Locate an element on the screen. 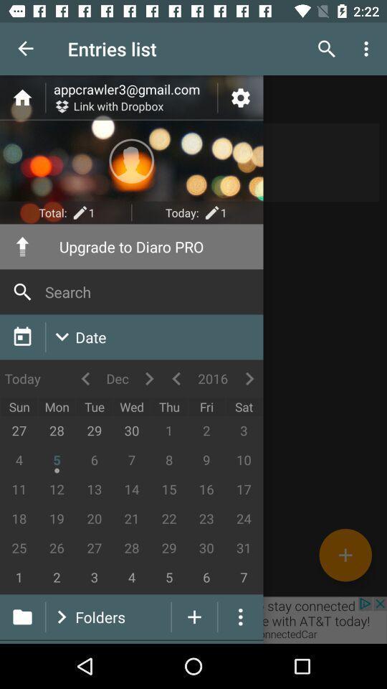 The height and width of the screenshot is (689, 387). the icon that has the text link with dropbox right to it is located at coordinates (61, 106).